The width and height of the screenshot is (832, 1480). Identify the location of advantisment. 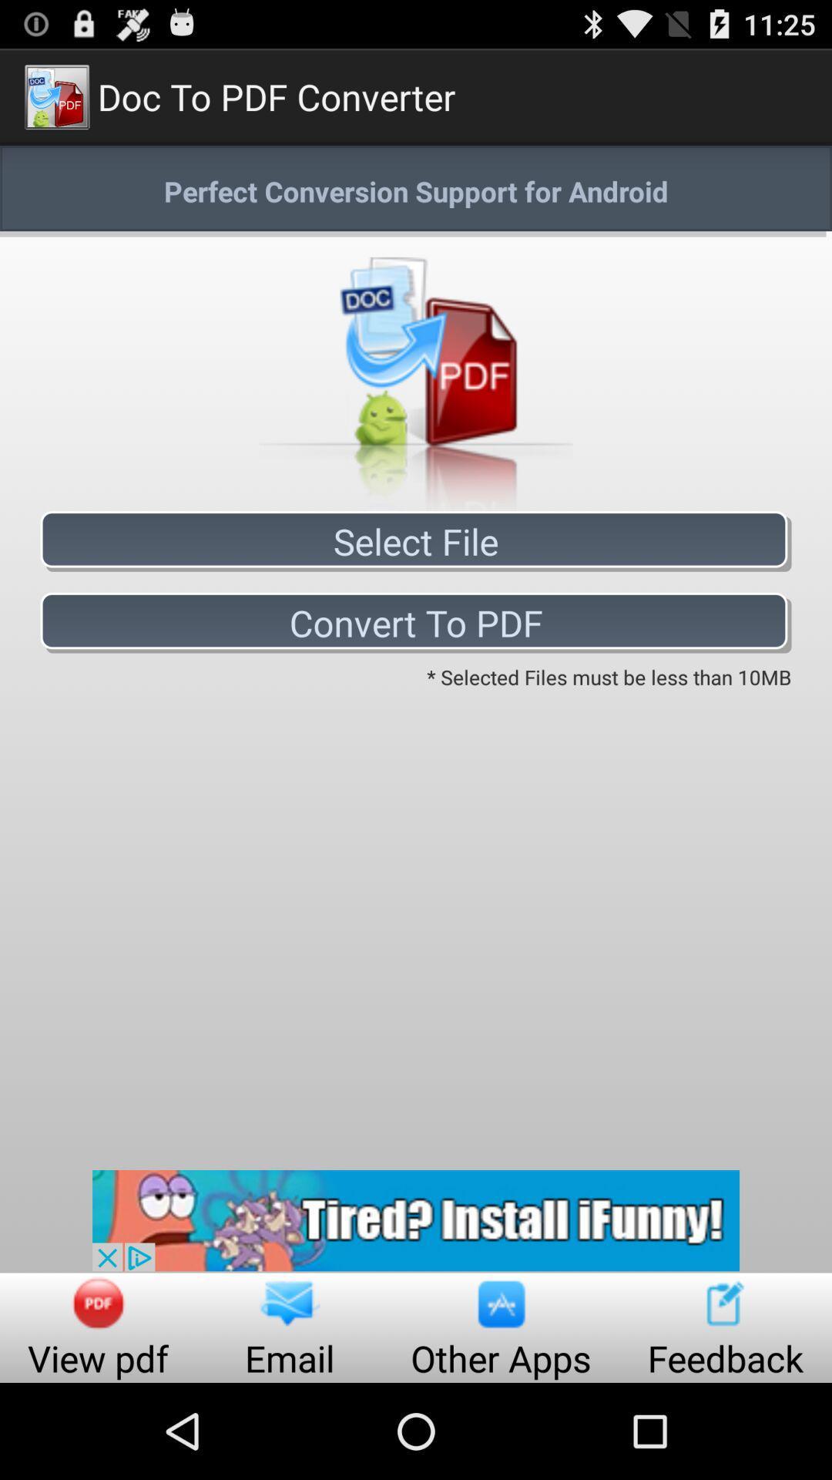
(416, 1219).